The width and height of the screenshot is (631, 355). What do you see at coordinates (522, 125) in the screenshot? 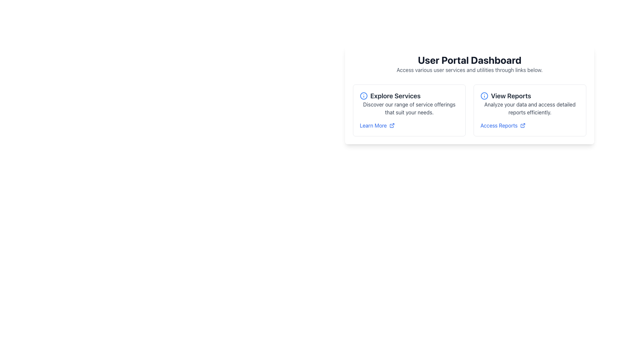
I see `the small blue external link icon with a minimalist arrow design located to the right of the 'Access Reports' text in the 'View Reports' section` at bounding box center [522, 125].